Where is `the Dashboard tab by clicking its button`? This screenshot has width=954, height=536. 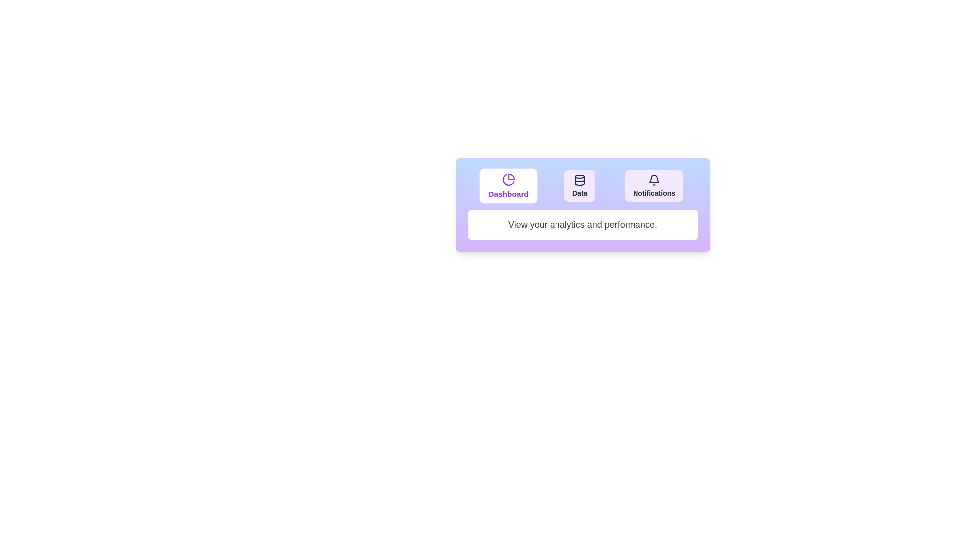
the Dashboard tab by clicking its button is located at coordinates (508, 186).